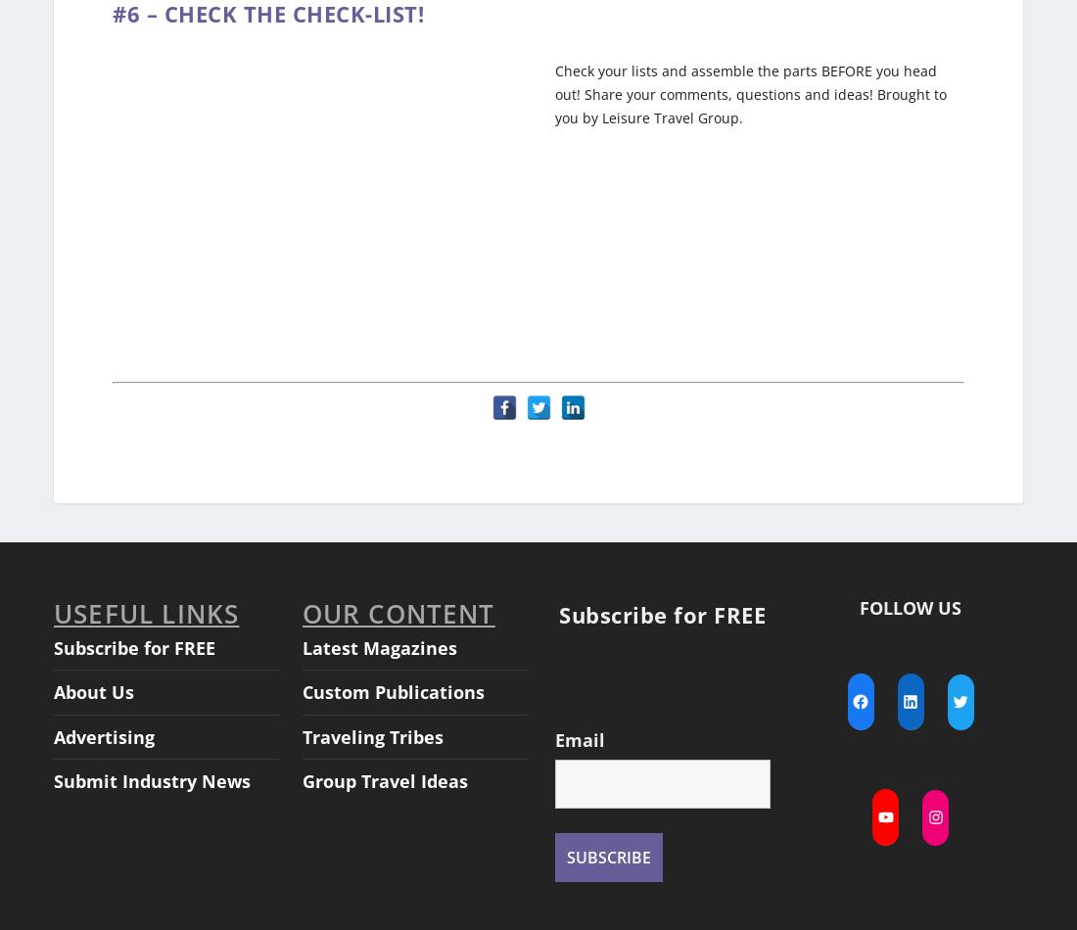 This screenshot has height=930, width=1077. I want to click on 'About Us', so click(53, 673).